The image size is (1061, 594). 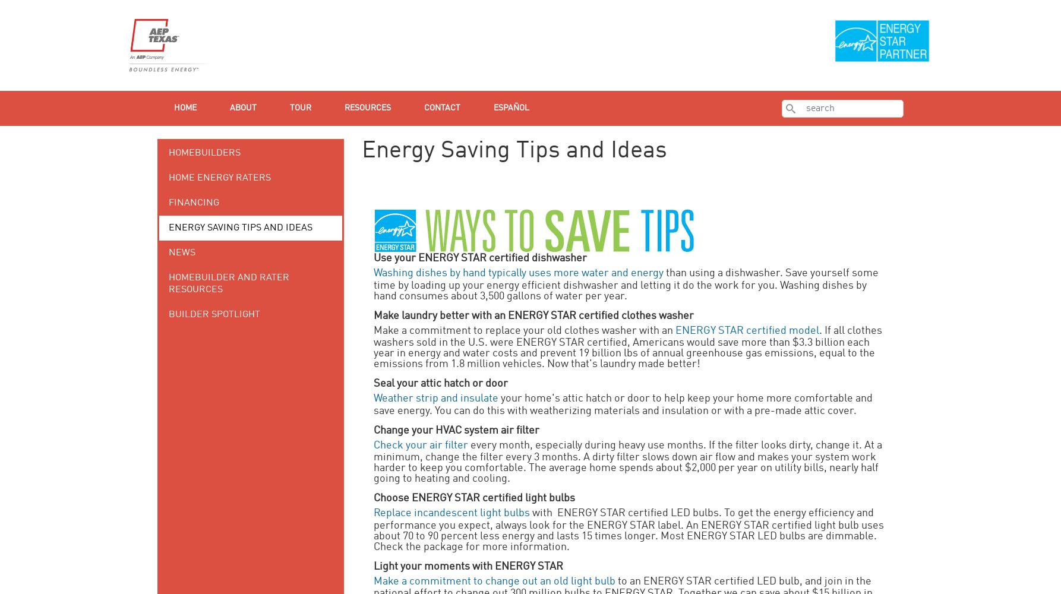 What do you see at coordinates (451, 513) in the screenshot?
I see `'Replace incandescent light bulbs'` at bounding box center [451, 513].